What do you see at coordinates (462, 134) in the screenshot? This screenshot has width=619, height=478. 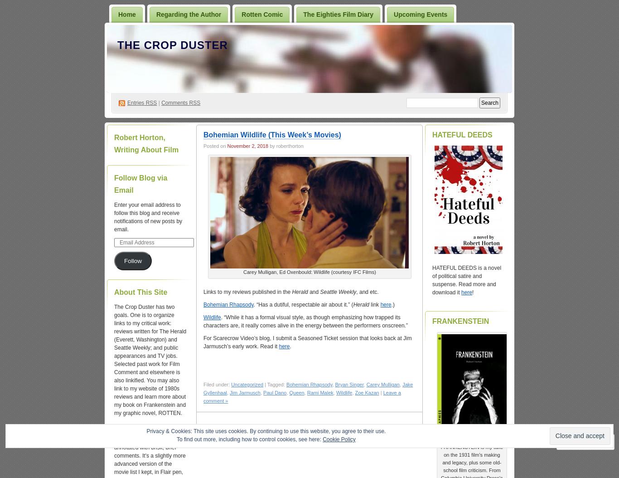 I see `'HATEFUL DEEDS'` at bounding box center [462, 134].